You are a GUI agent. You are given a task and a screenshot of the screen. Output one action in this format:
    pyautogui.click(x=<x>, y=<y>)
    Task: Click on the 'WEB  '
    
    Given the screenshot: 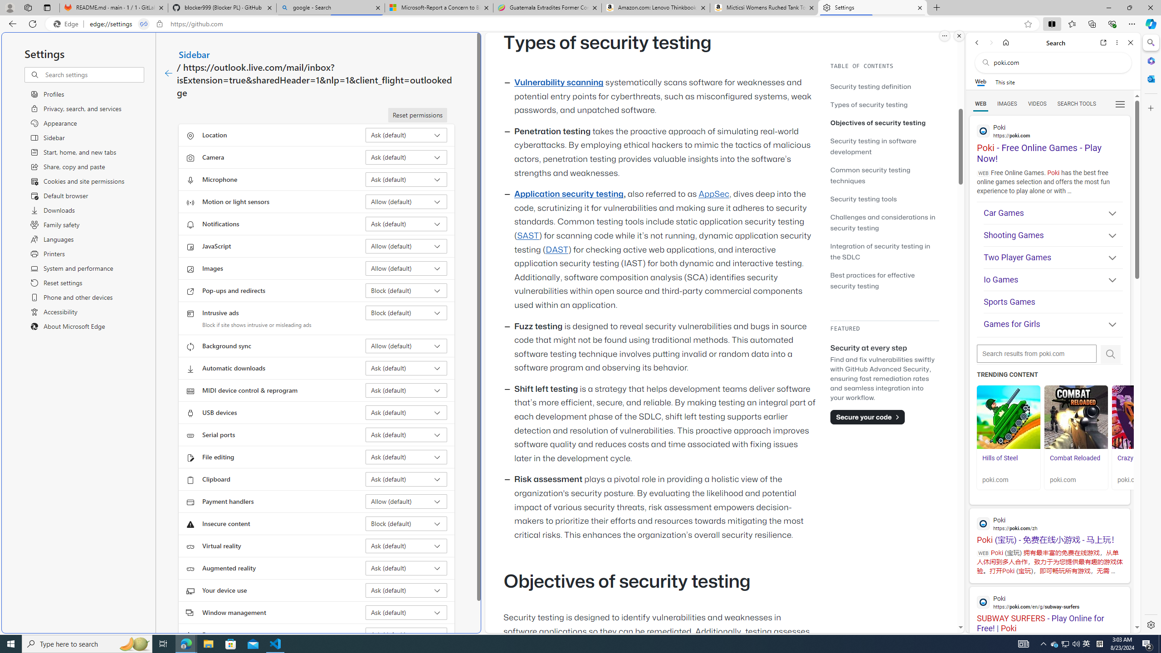 What is the action you would take?
    pyautogui.click(x=981, y=104)
    